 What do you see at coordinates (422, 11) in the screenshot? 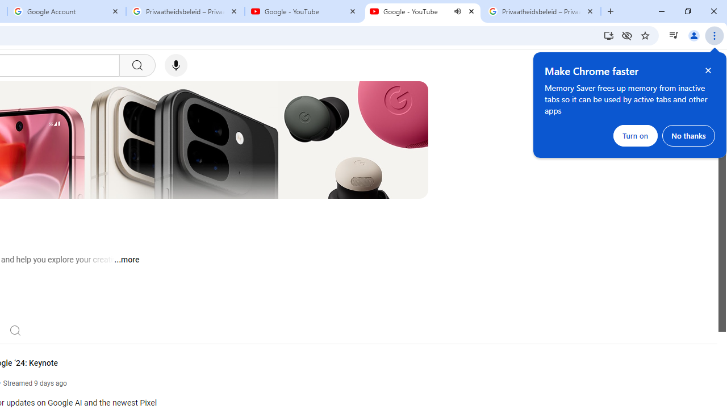
I see `'Google - YouTube - Audio playing'` at bounding box center [422, 11].